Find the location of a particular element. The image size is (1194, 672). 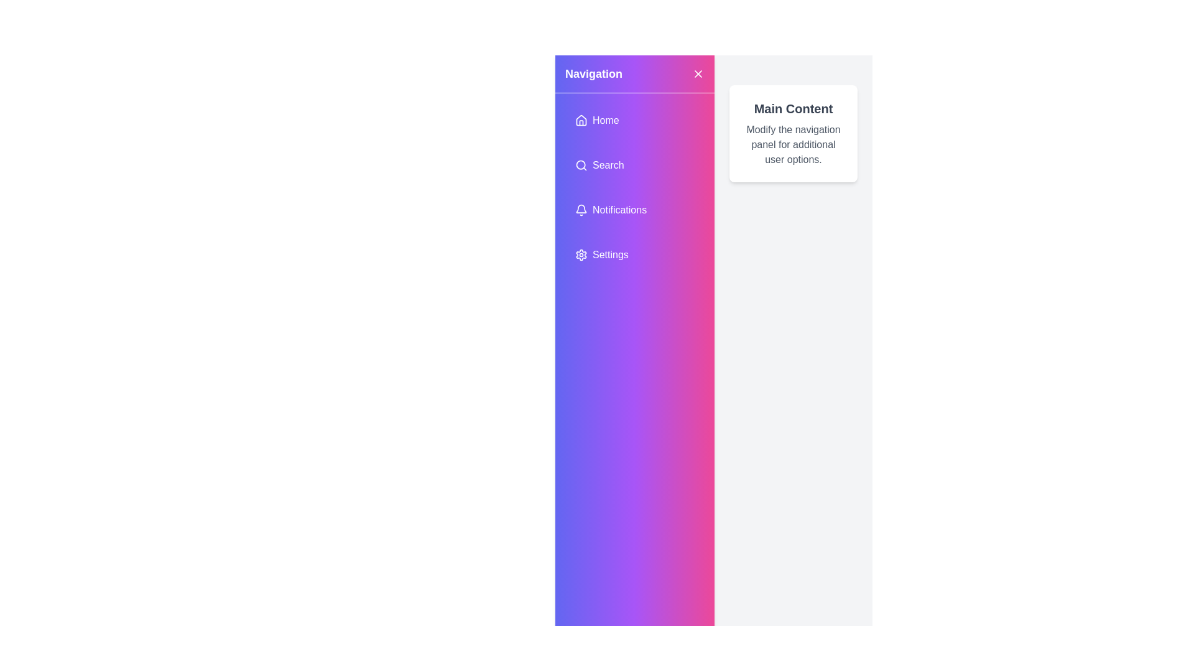

the house-shaped icon filled with a gradient color located near the top-left corner of the navigation panel, adjacent to the text 'Home' is located at coordinates (581, 119).